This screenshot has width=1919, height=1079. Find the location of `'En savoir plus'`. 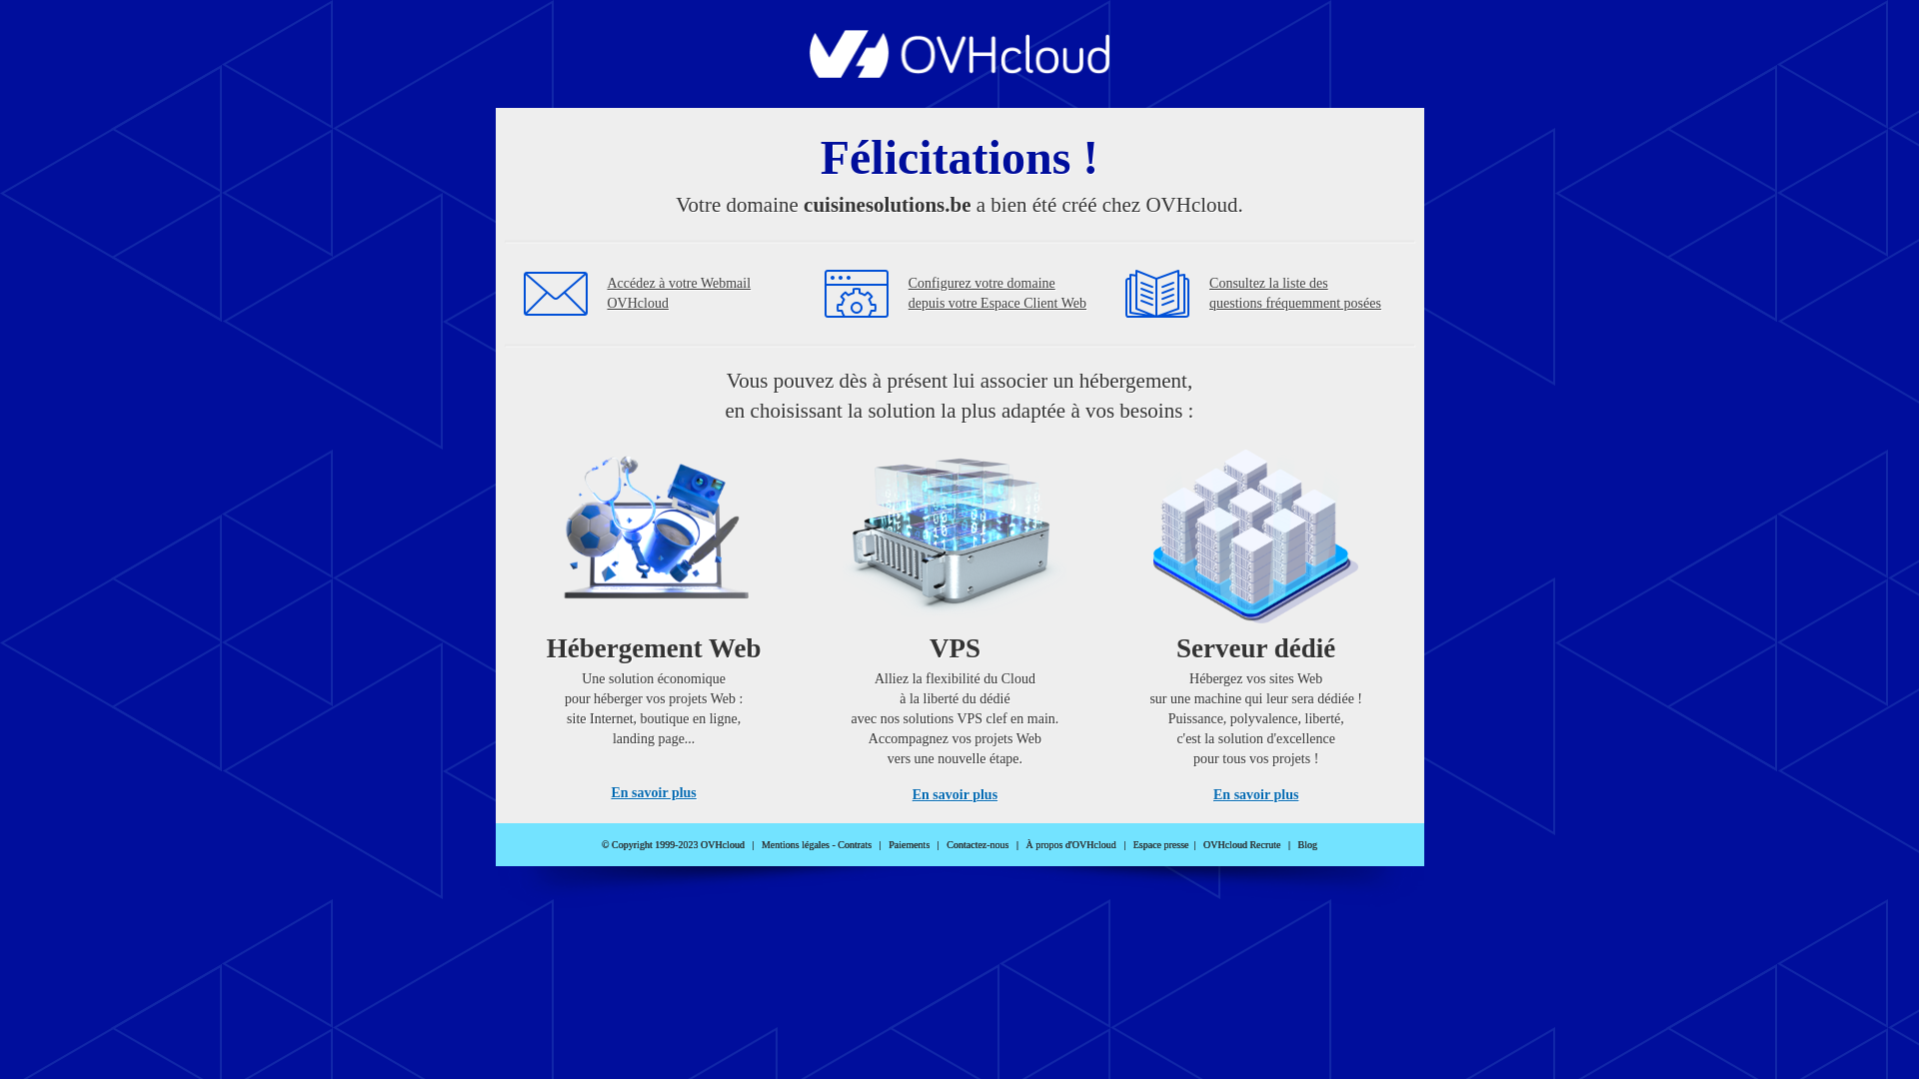

'En savoir plus' is located at coordinates (653, 791).